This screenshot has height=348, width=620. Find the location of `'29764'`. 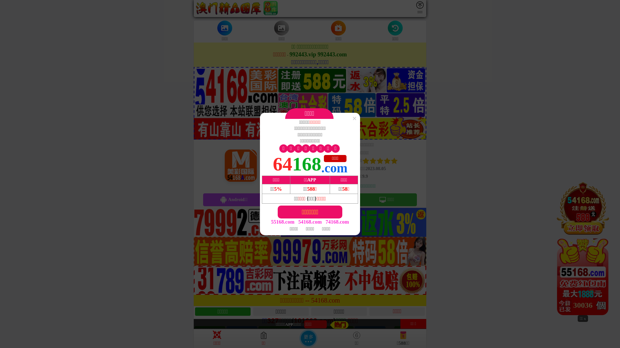

'29764' is located at coordinates (583, 247).